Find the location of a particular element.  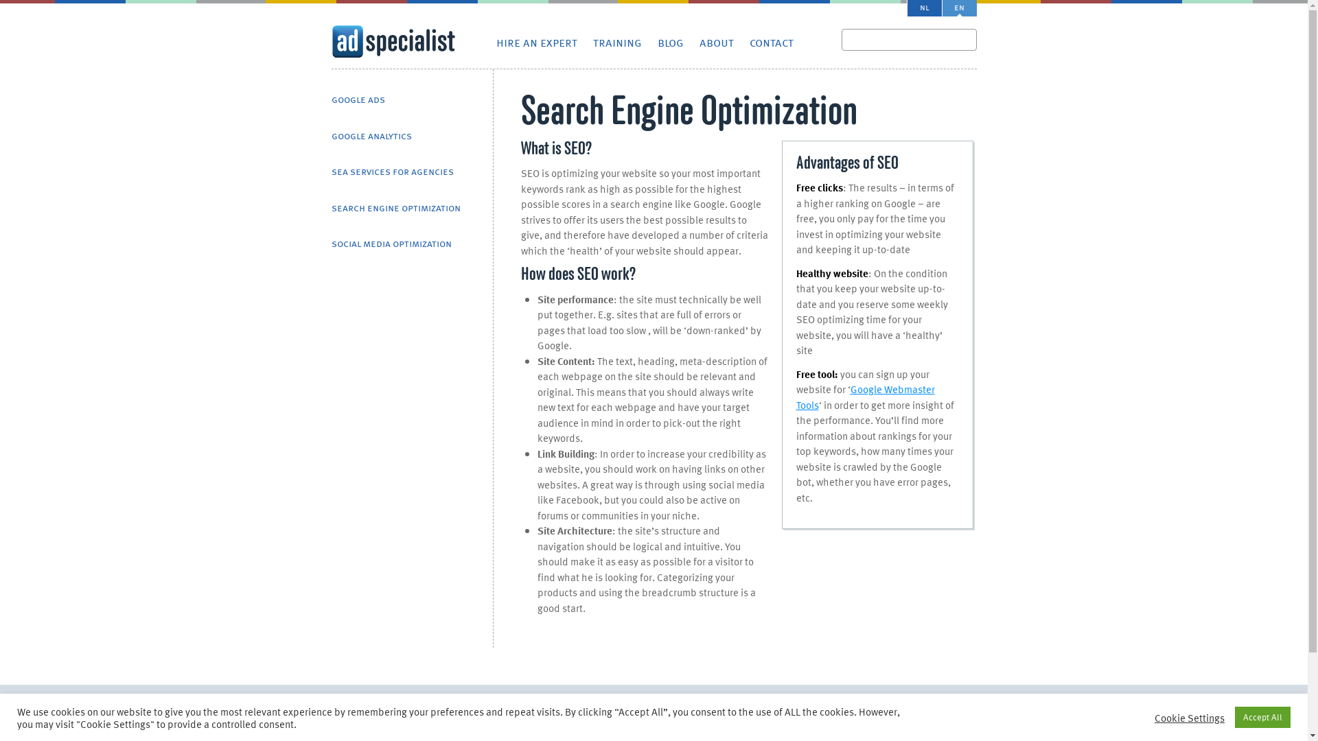

'Cookie Settings' is located at coordinates (1153, 716).